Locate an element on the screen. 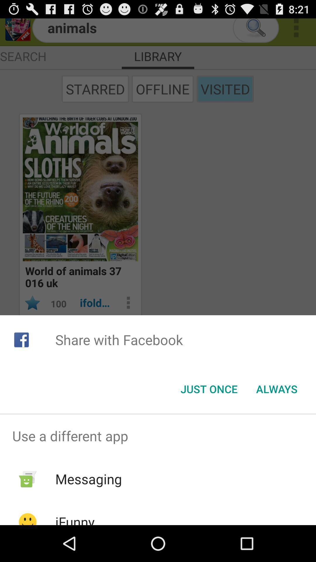 This screenshot has height=562, width=316. messaging app is located at coordinates (89, 479).